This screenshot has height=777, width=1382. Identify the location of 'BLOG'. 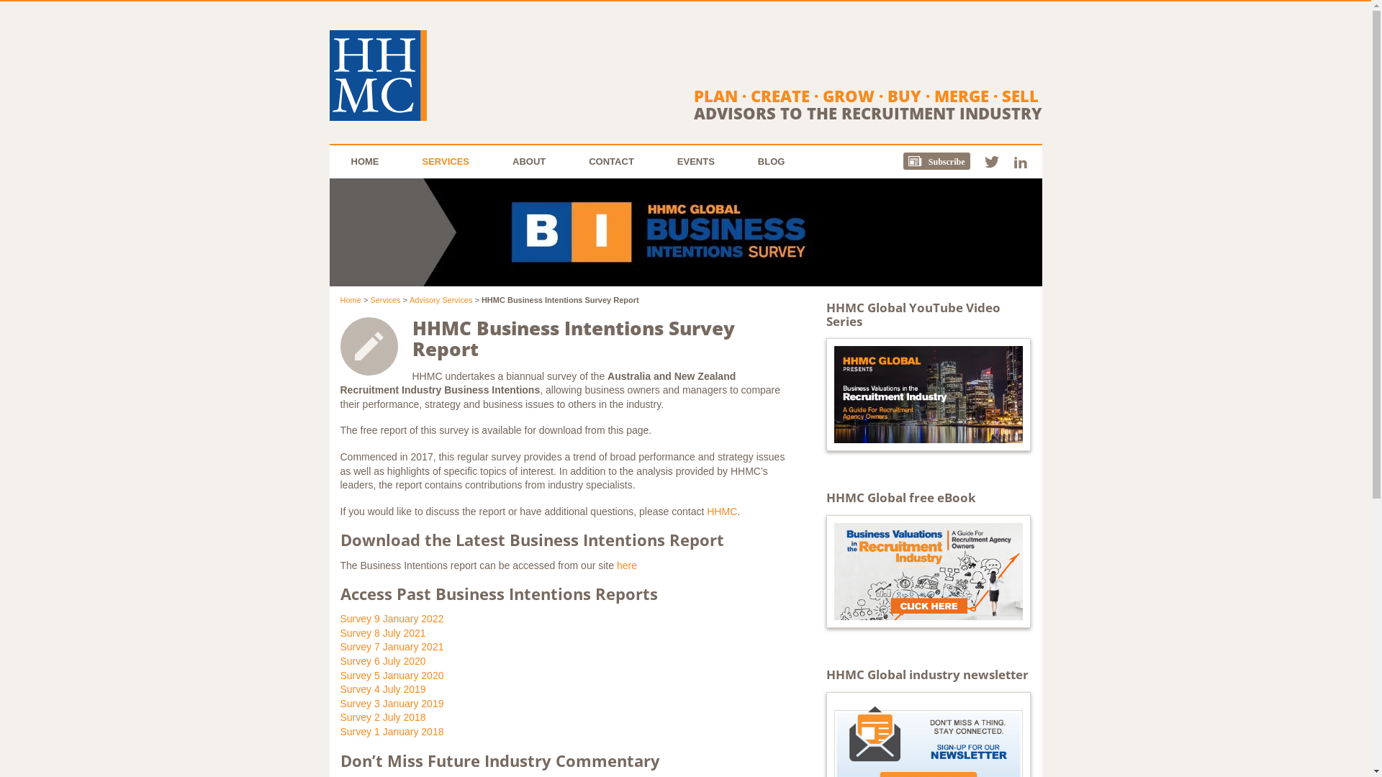
(770, 161).